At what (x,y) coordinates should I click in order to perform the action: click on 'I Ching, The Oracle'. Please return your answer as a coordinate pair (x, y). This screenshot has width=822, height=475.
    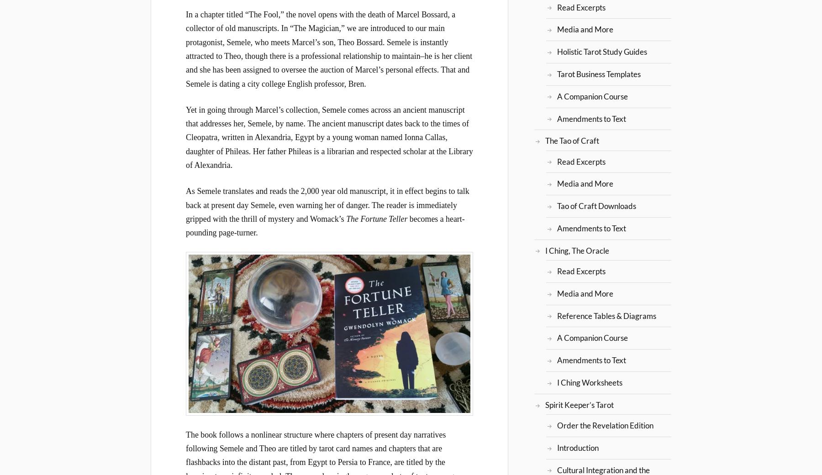
    Looking at the image, I should click on (577, 250).